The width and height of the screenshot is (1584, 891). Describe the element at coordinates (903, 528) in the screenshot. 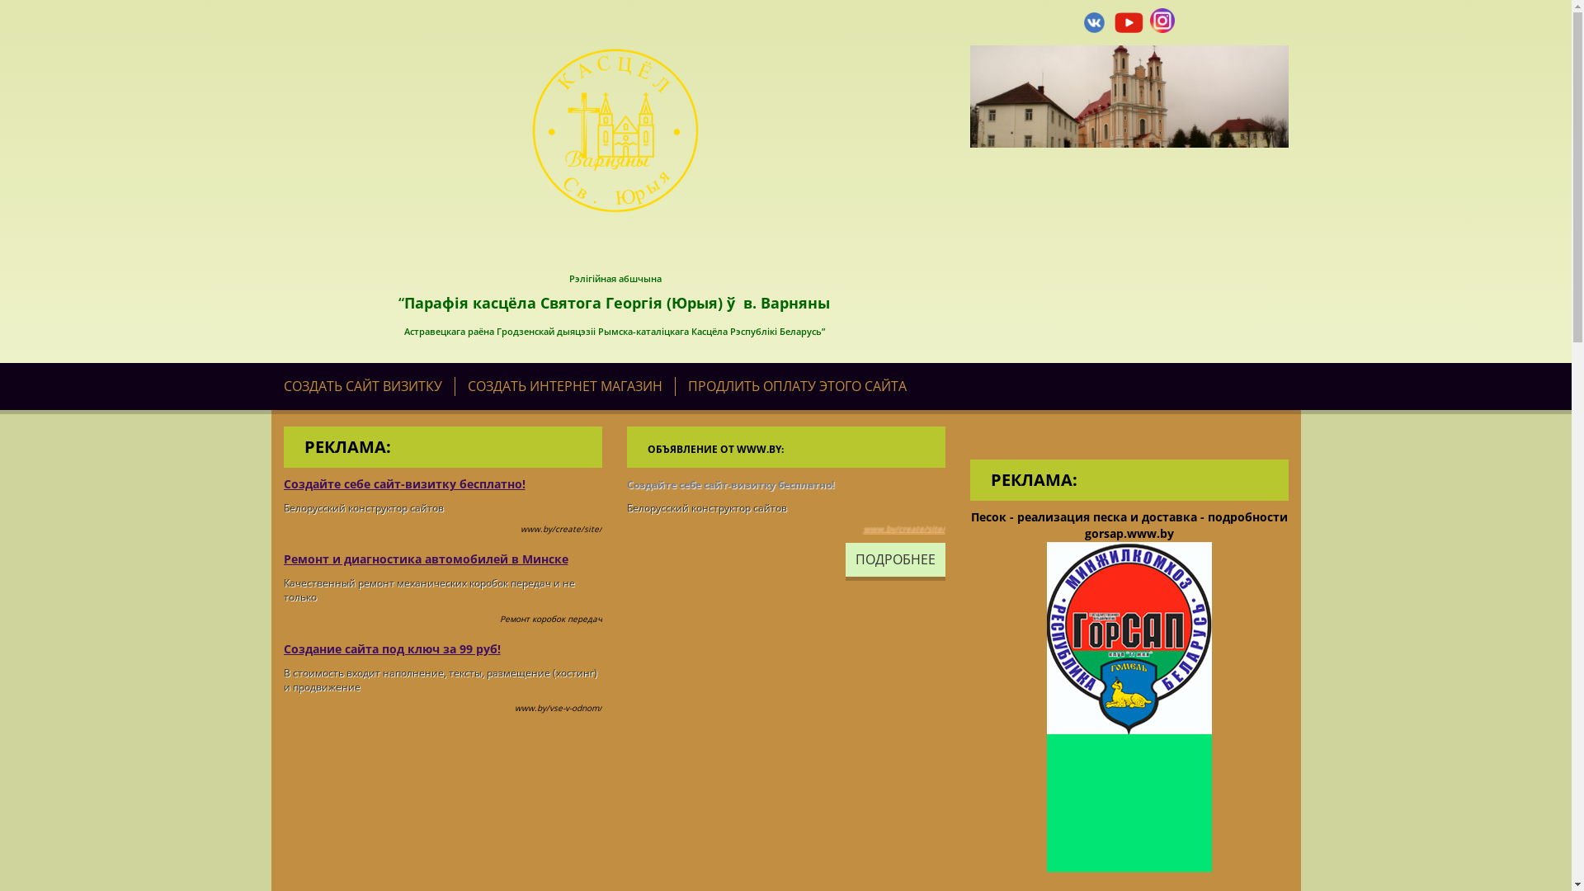

I see `'www.by/create/site/'` at that location.